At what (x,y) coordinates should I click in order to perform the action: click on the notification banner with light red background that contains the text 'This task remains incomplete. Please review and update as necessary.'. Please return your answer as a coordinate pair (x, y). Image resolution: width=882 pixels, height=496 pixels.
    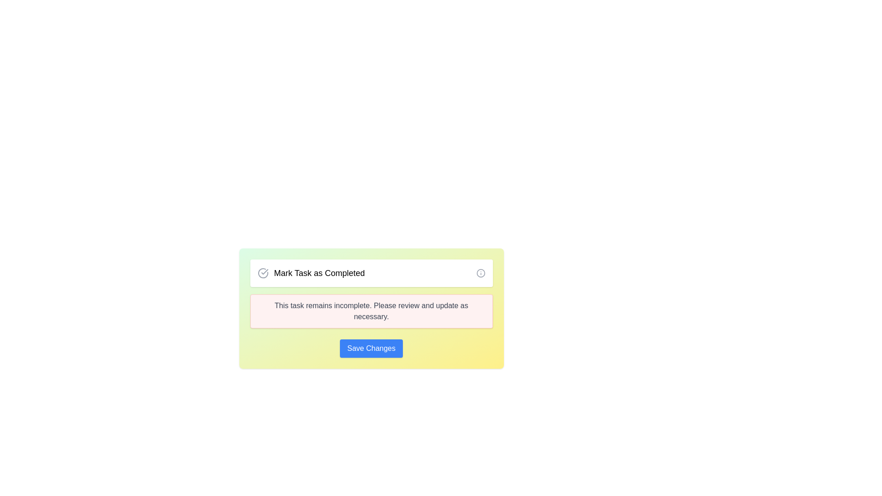
    Looking at the image, I should click on (371, 311).